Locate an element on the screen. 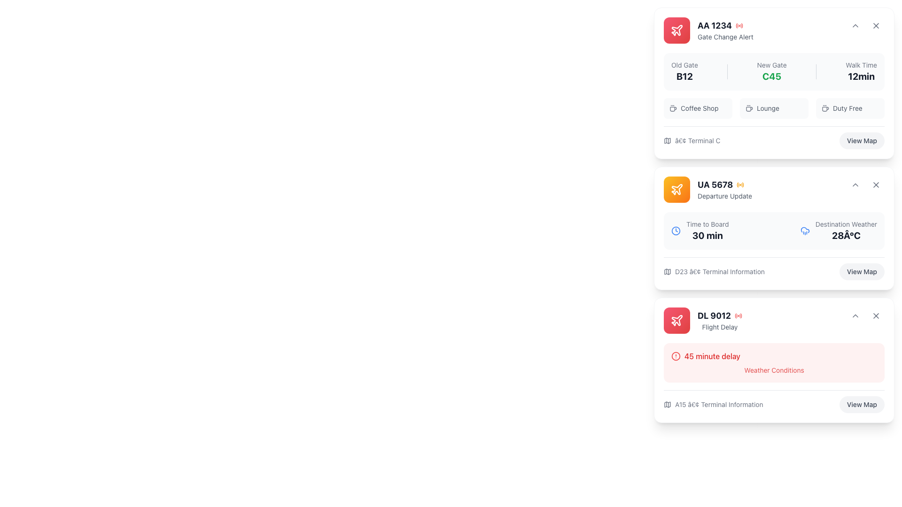 The image size is (902, 507). the text display that notifies the user about a 45-minute delay, located in the bottom-most card and to the right of a warning indicator is located at coordinates (712, 356).